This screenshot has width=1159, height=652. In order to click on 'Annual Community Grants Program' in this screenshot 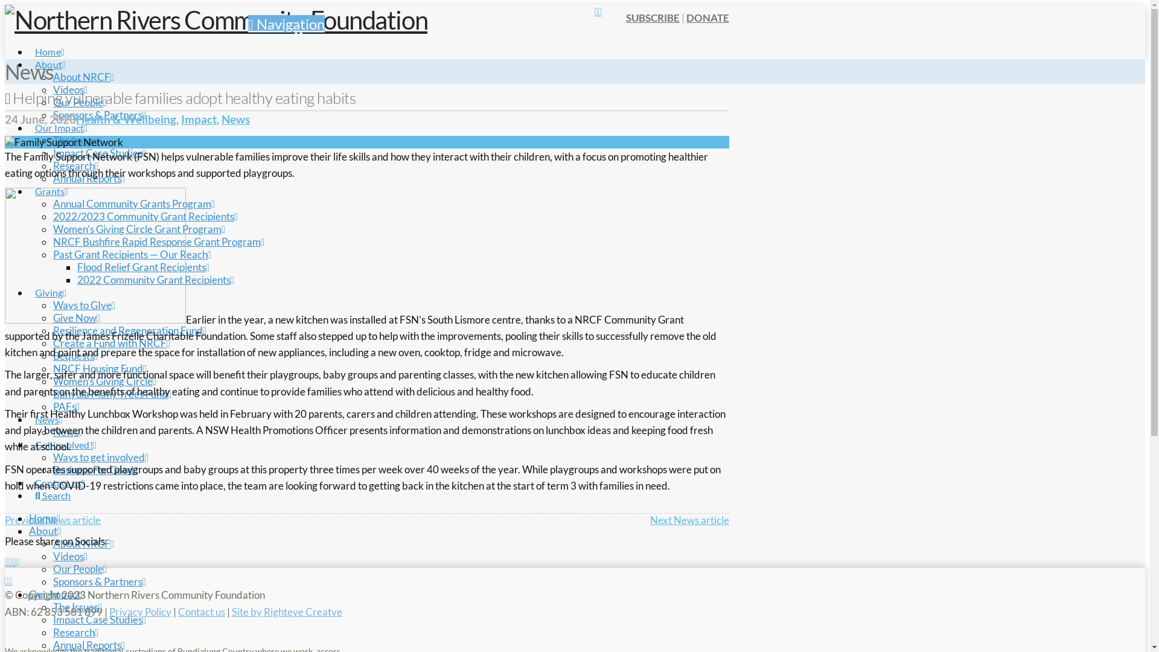, I will do `click(133, 203)`.